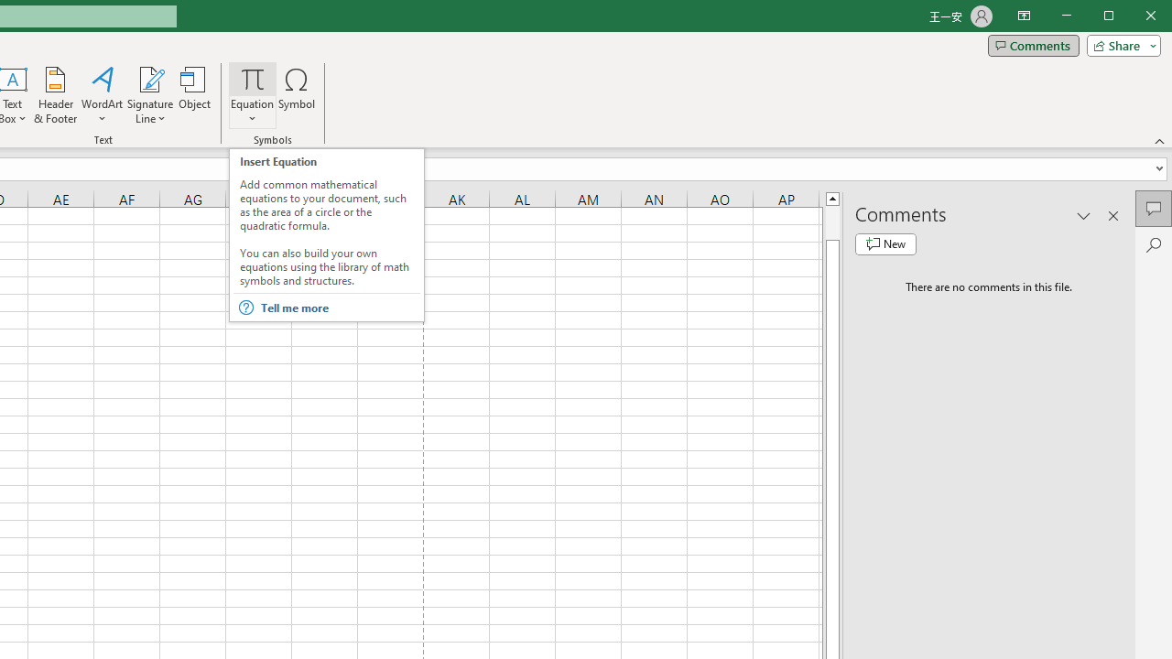 This screenshot has width=1172, height=659. Describe the element at coordinates (150, 95) in the screenshot. I see `'Signature Line'` at that location.